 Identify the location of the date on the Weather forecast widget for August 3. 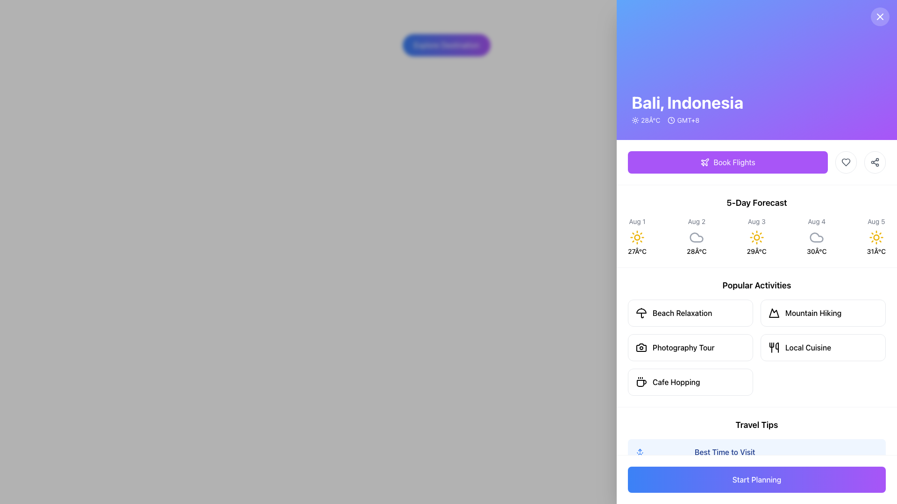
(757, 236).